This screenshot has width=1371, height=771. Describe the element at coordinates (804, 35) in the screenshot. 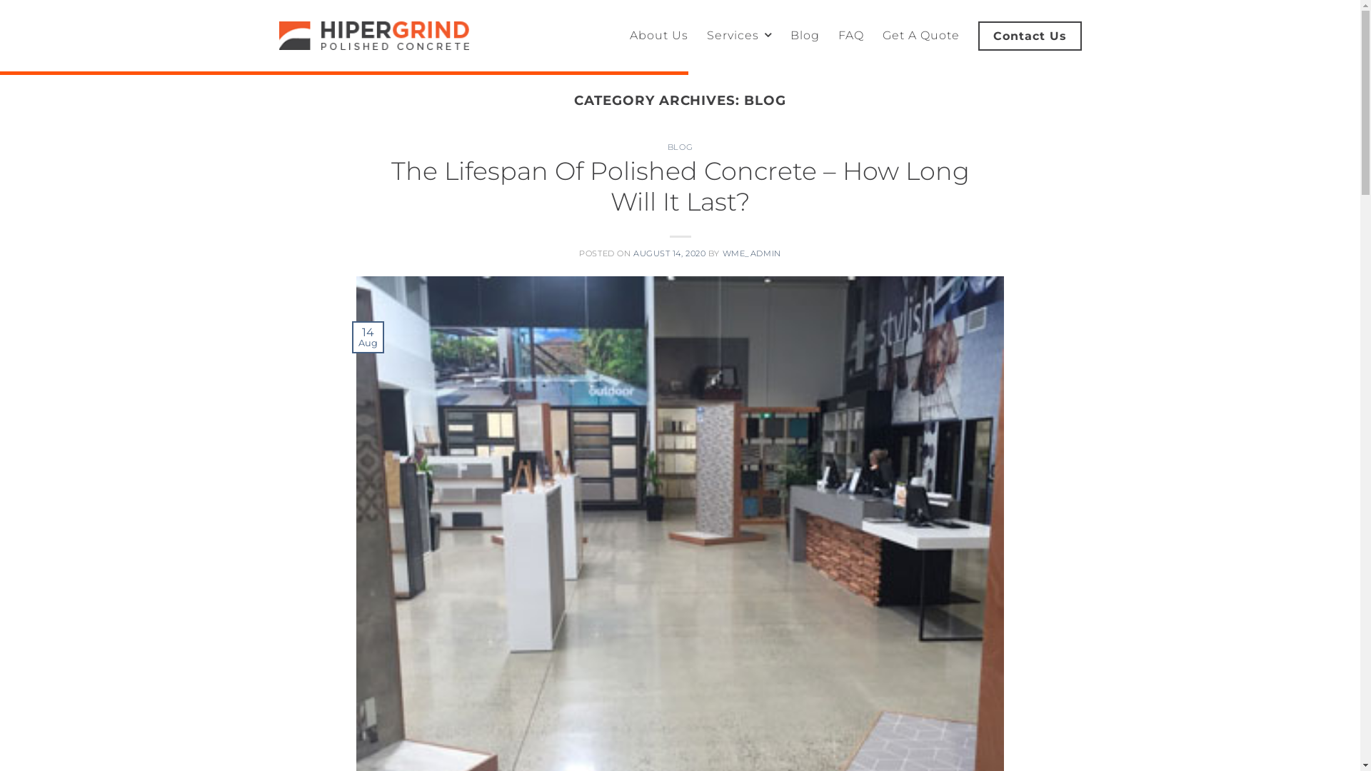

I see `'Blog'` at that location.